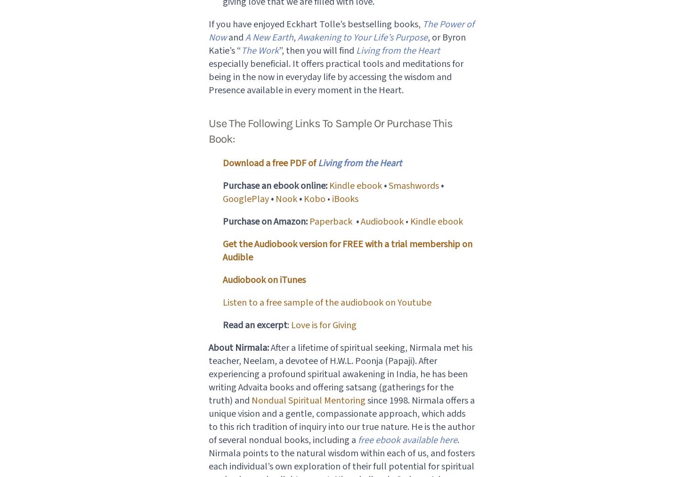 This screenshot has height=477, width=683. What do you see at coordinates (315, 23) in the screenshot?
I see `'If you have enjoyed Eckhart Tolle’s bestselling books,'` at bounding box center [315, 23].